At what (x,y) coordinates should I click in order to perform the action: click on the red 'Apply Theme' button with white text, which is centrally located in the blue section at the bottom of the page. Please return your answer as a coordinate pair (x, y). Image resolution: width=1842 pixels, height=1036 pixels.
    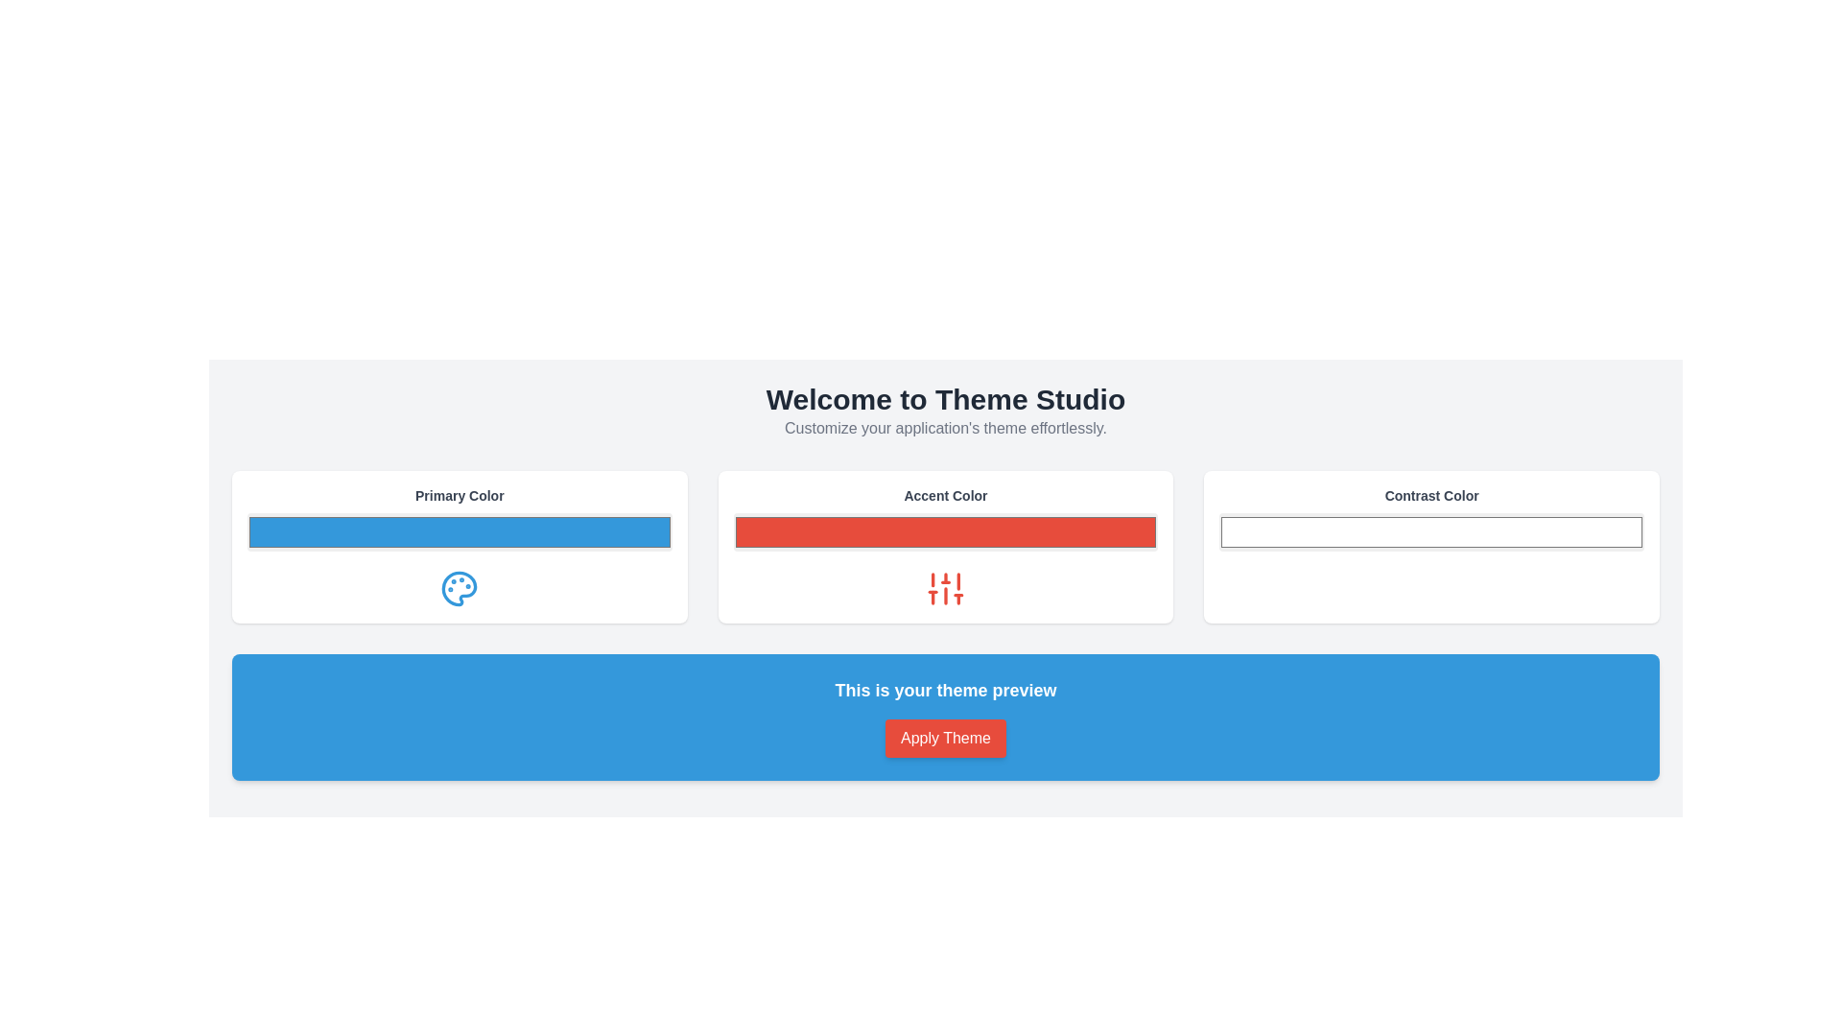
    Looking at the image, I should click on (945, 738).